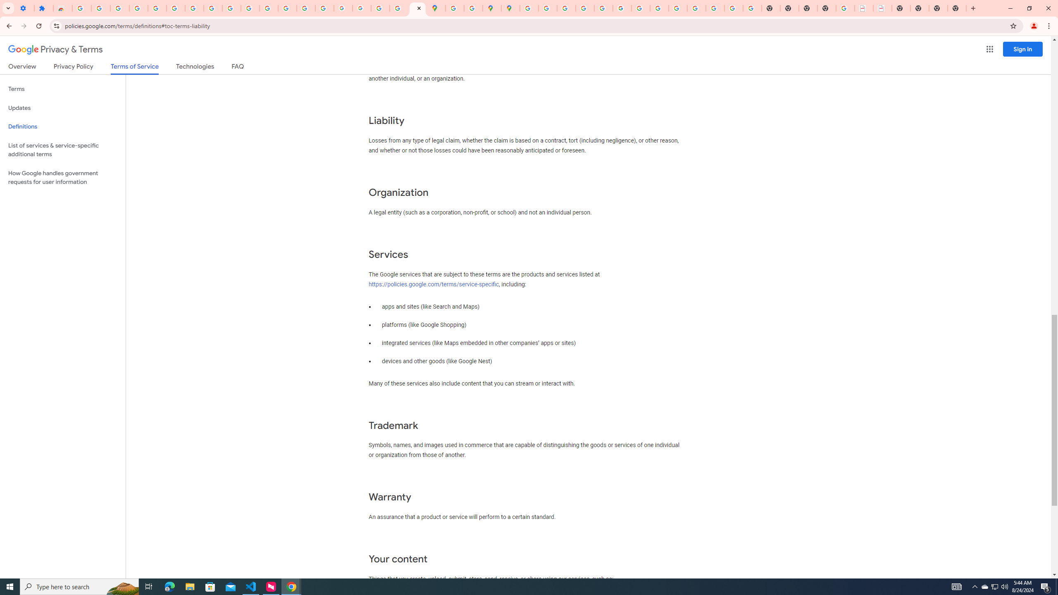 The height and width of the screenshot is (595, 1058). Describe the element at coordinates (62, 107) in the screenshot. I see `'Updates'` at that location.